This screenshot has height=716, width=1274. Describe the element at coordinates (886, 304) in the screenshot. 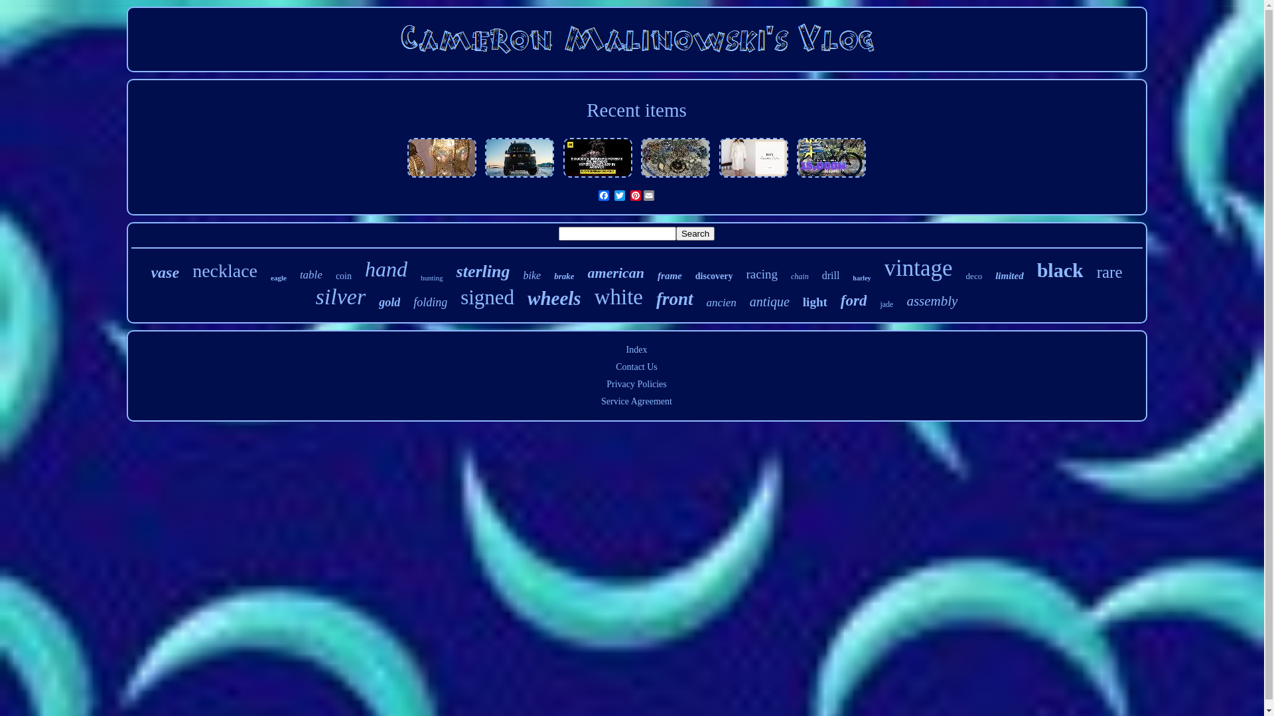

I see `'jade'` at that location.